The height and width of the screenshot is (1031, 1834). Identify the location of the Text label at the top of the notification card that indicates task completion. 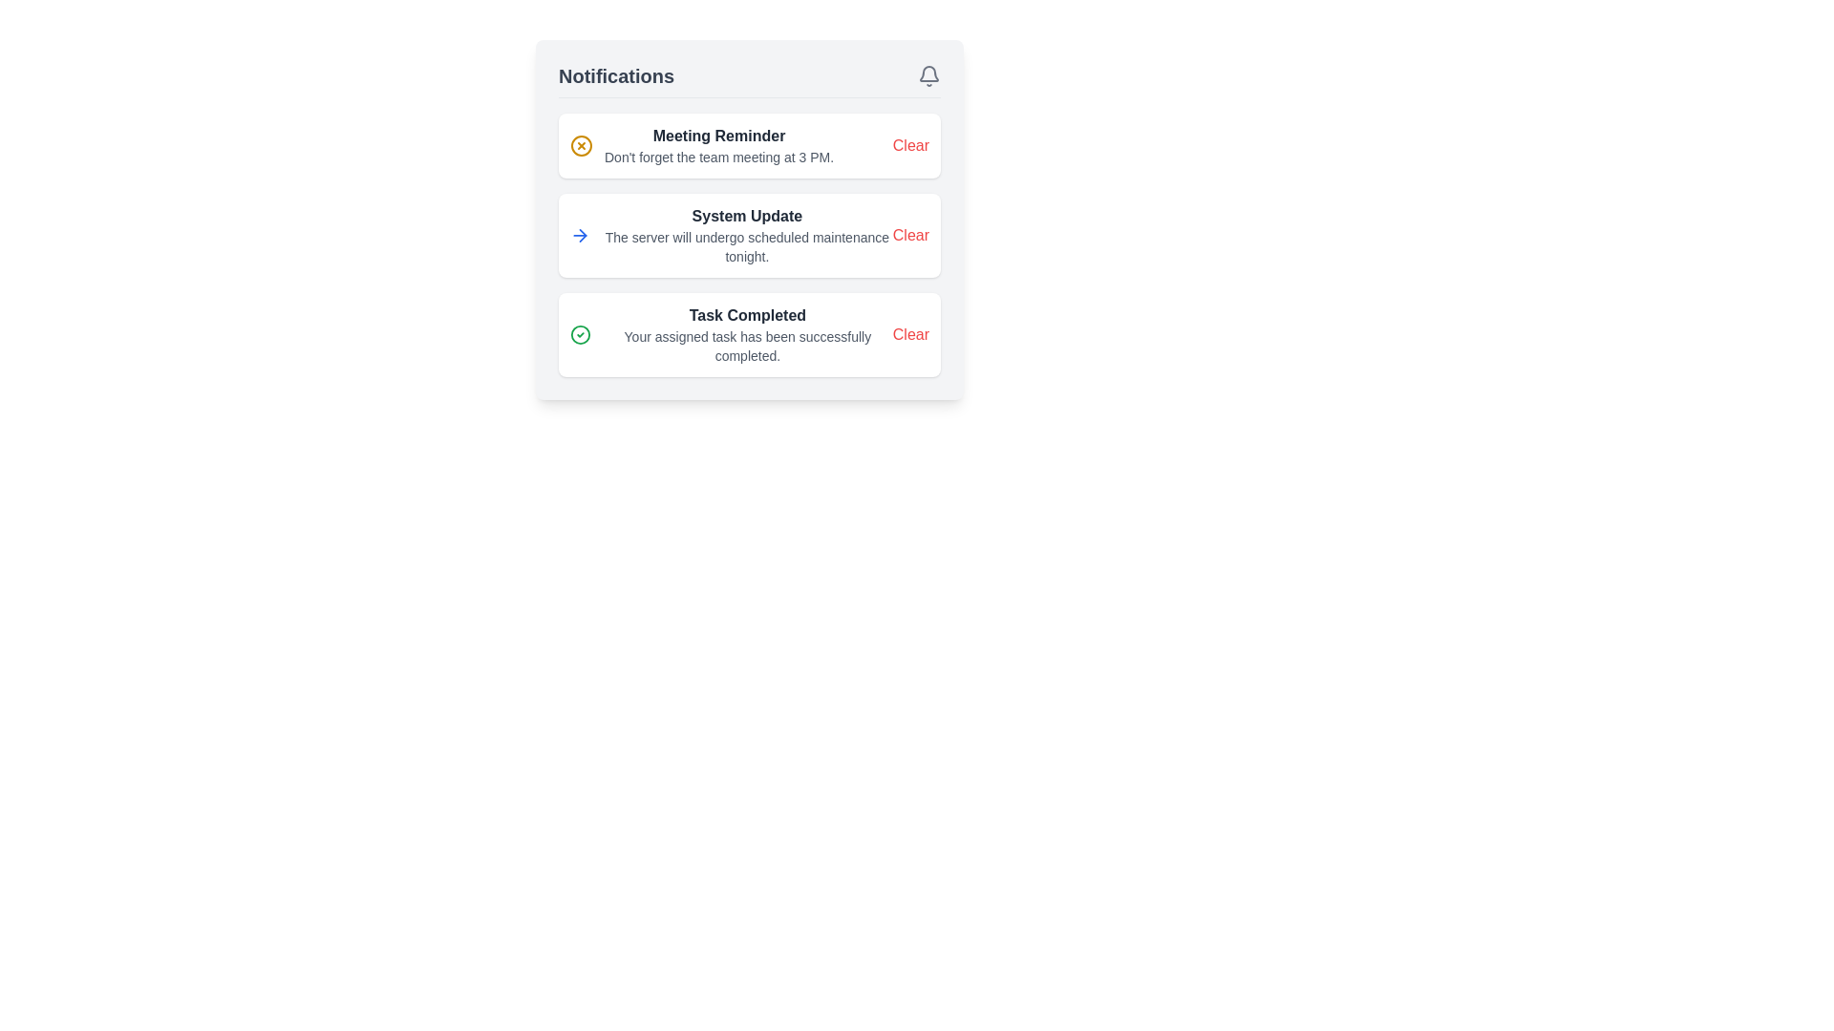
(746, 315).